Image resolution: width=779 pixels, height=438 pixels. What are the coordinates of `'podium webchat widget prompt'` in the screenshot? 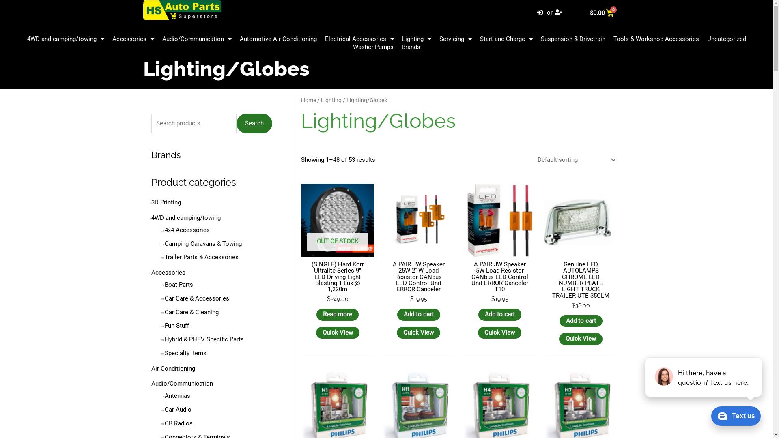 It's located at (703, 377).